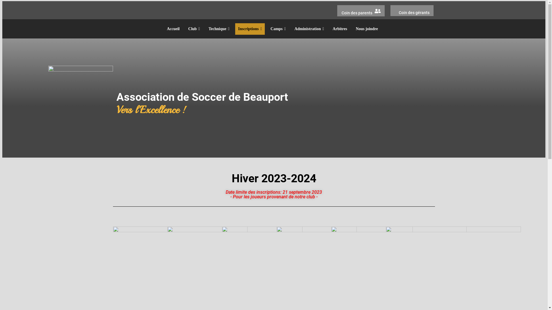  Describe the element at coordinates (250, 29) in the screenshot. I see `'Inscriptions'` at that location.